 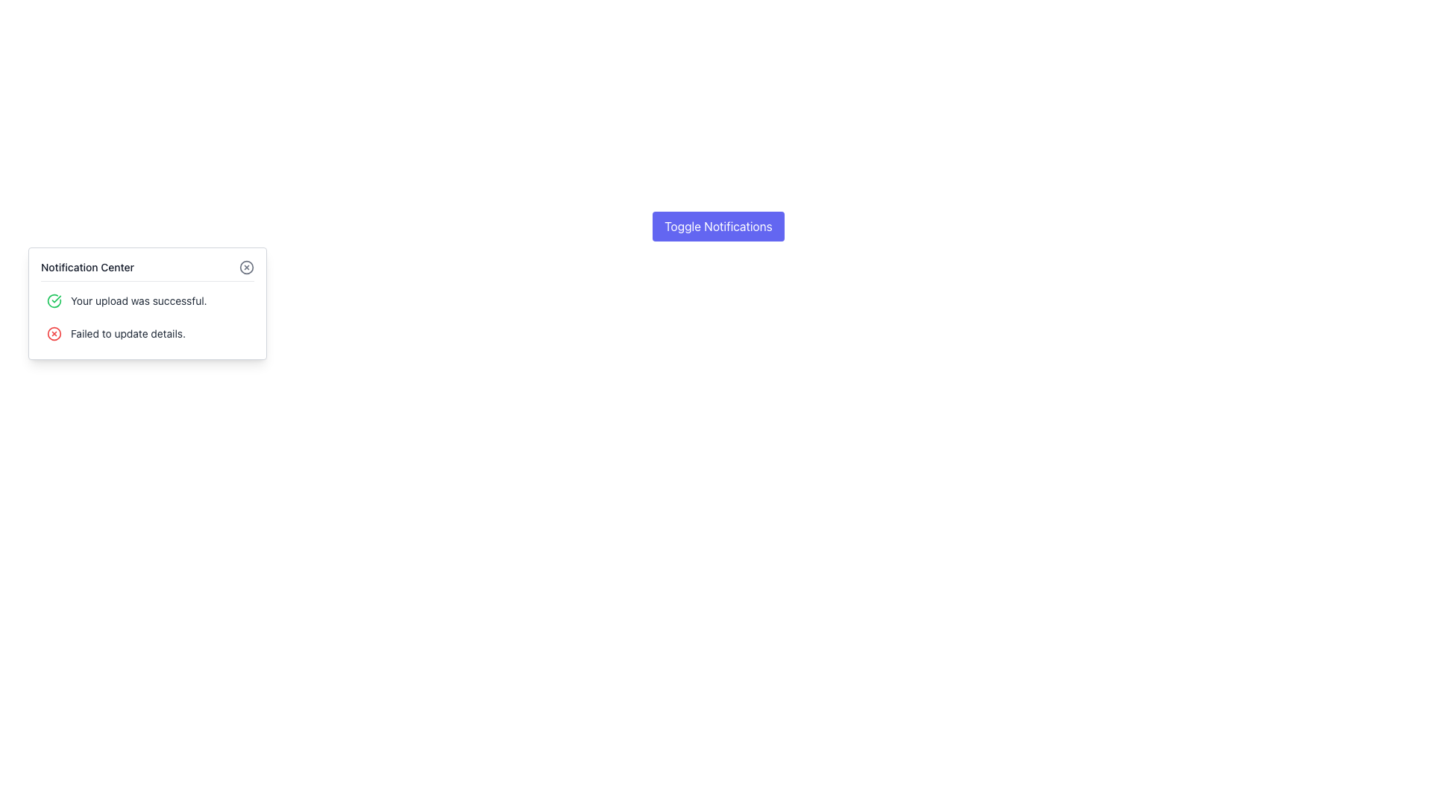 I want to click on the notification message indicating a failure to update details, which is the second notification in the 'Notification Center' list, so click(x=147, y=332).